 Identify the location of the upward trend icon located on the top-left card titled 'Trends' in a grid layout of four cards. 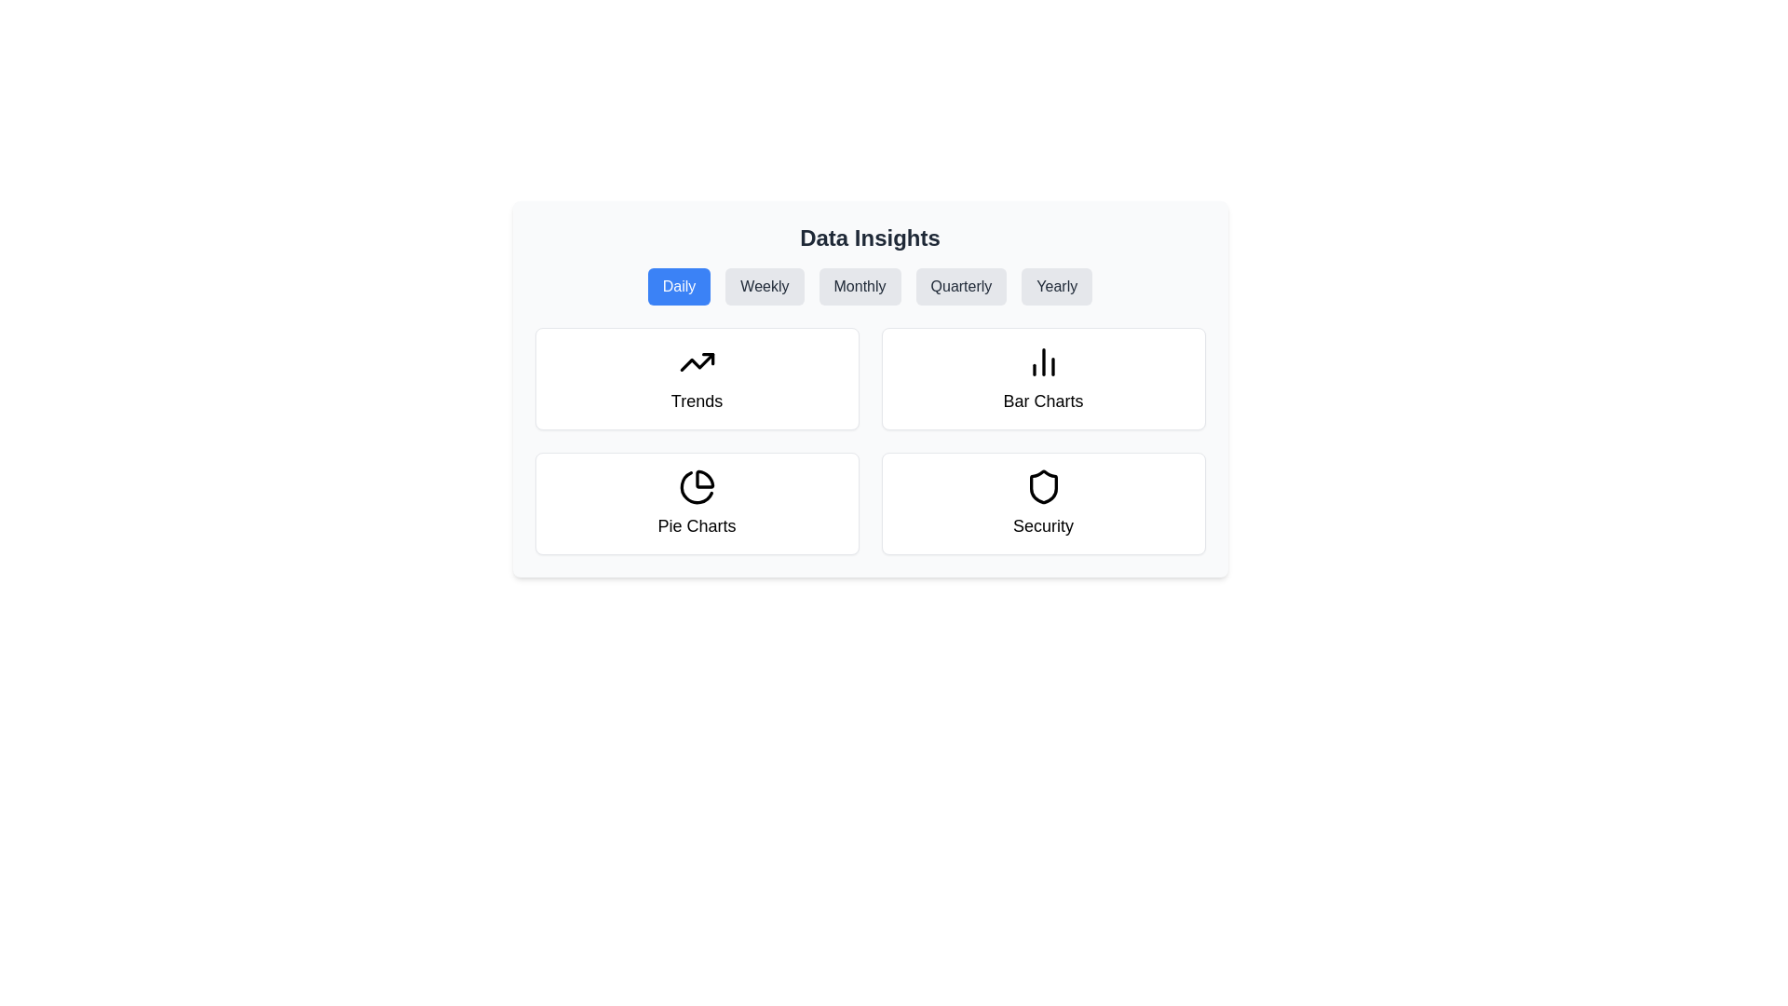
(696, 362).